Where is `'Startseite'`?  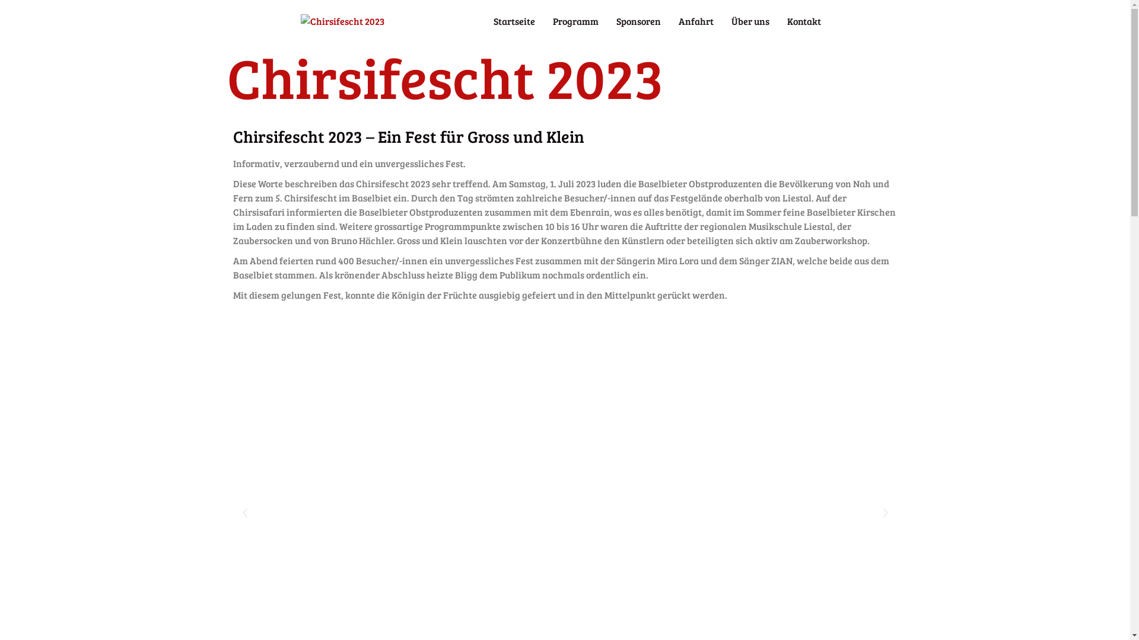
'Startseite' is located at coordinates (564, 62).